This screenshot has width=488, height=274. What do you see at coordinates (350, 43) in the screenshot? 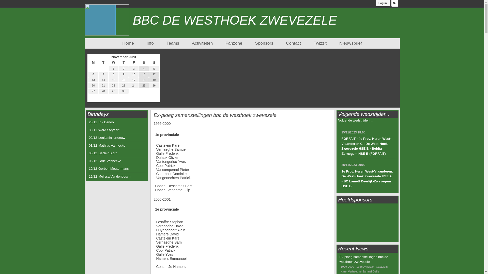
I see `'Nieuwsbrief'` at bounding box center [350, 43].